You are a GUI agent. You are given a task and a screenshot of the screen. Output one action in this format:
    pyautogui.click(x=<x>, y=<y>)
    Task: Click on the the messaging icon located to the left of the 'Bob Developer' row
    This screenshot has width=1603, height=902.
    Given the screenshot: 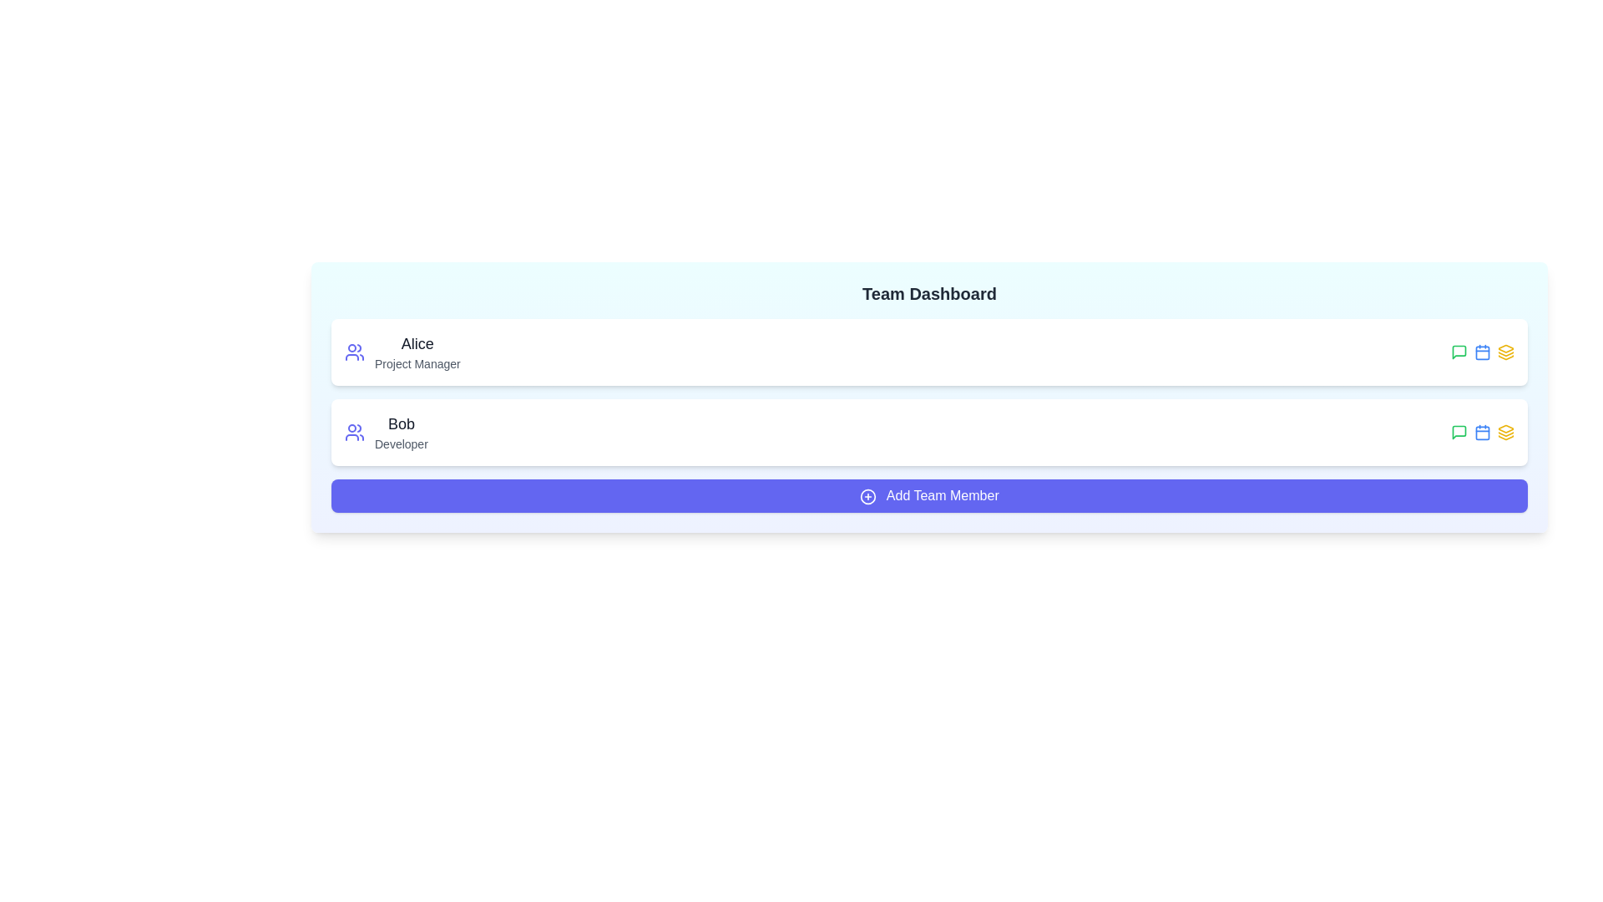 What is the action you would take?
    pyautogui.click(x=1458, y=431)
    